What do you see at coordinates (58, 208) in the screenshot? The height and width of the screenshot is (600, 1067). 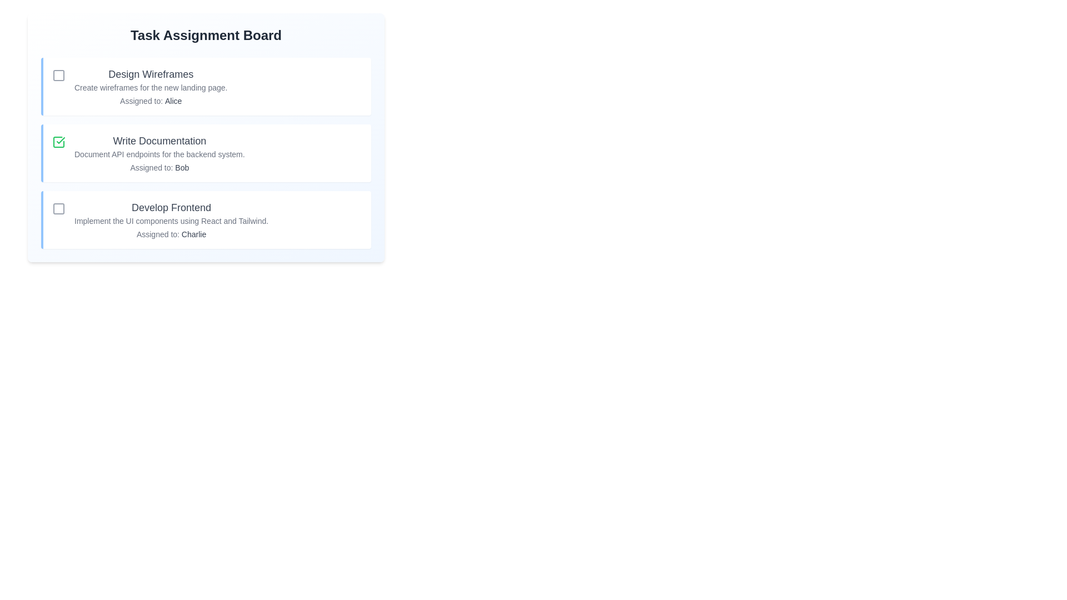 I see `the inner square indicator located in the 'Develop Frontend' row, which is the third entry in the task list` at bounding box center [58, 208].